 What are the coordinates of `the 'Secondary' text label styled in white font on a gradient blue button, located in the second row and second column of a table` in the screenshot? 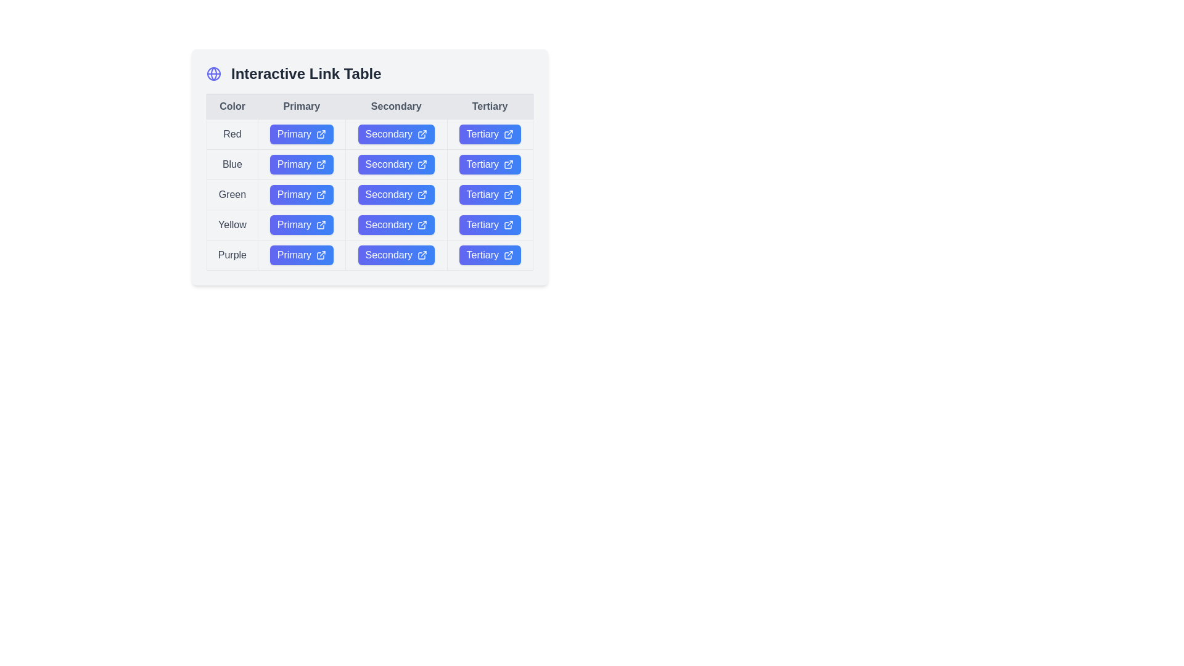 It's located at (388, 163).